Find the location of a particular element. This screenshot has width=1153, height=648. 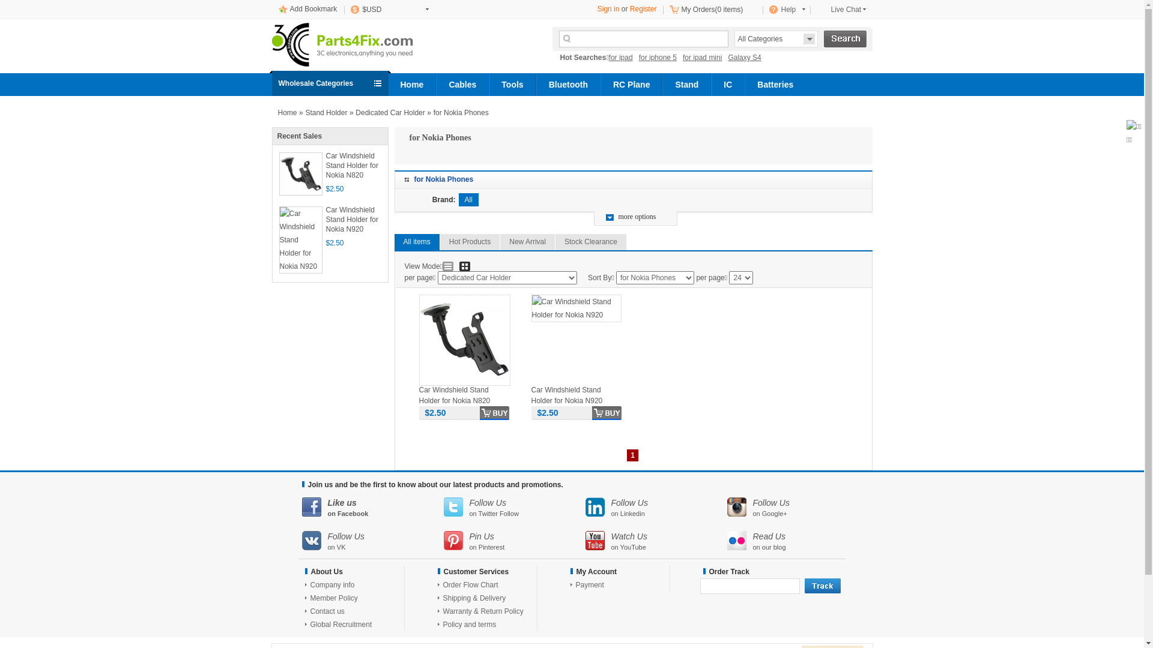

'Pin Us is located at coordinates (513, 541).